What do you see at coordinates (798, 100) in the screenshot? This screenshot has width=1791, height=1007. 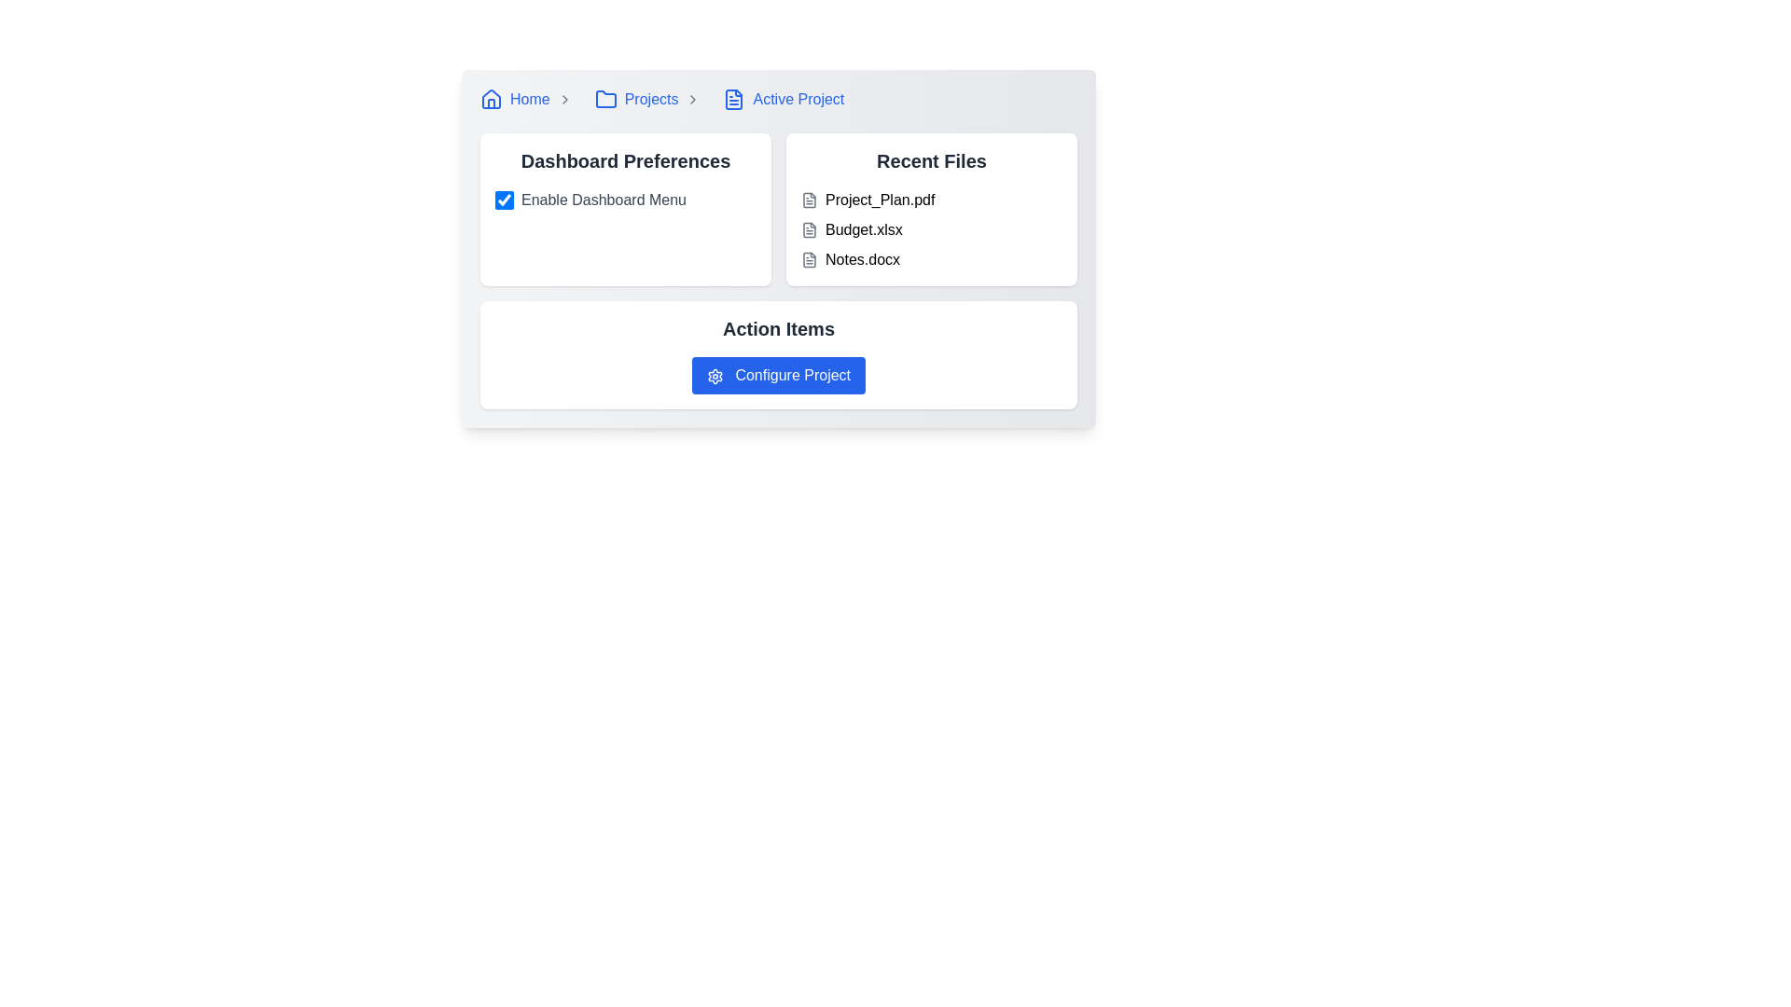 I see `the 'Active Project' text label, which is the third item in the breadcrumb navigation bar, styled in blue with medium font weight` at bounding box center [798, 100].